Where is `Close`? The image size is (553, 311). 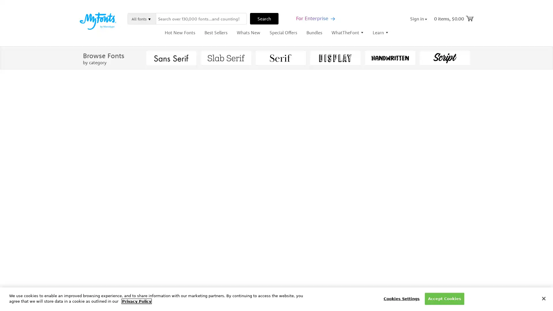
Close is located at coordinates (543, 298).